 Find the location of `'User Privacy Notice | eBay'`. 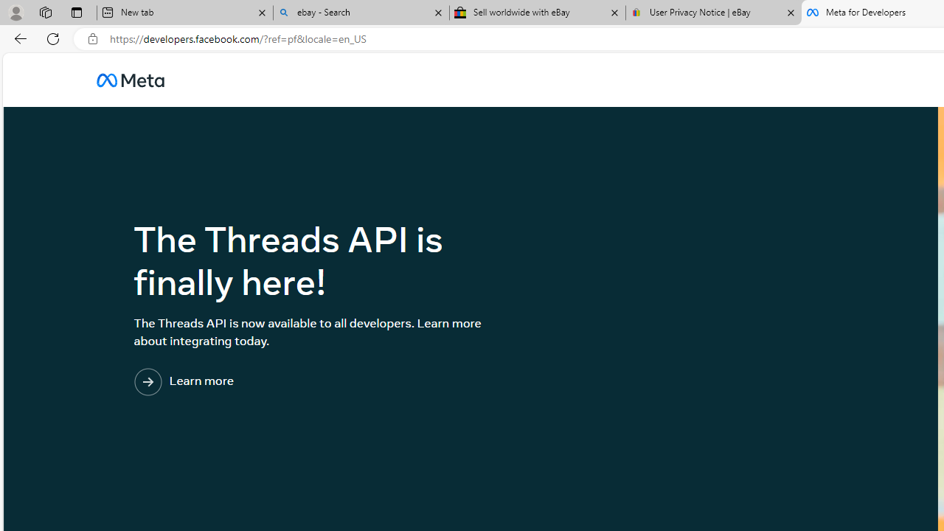

'User Privacy Notice | eBay' is located at coordinates (713, 13).